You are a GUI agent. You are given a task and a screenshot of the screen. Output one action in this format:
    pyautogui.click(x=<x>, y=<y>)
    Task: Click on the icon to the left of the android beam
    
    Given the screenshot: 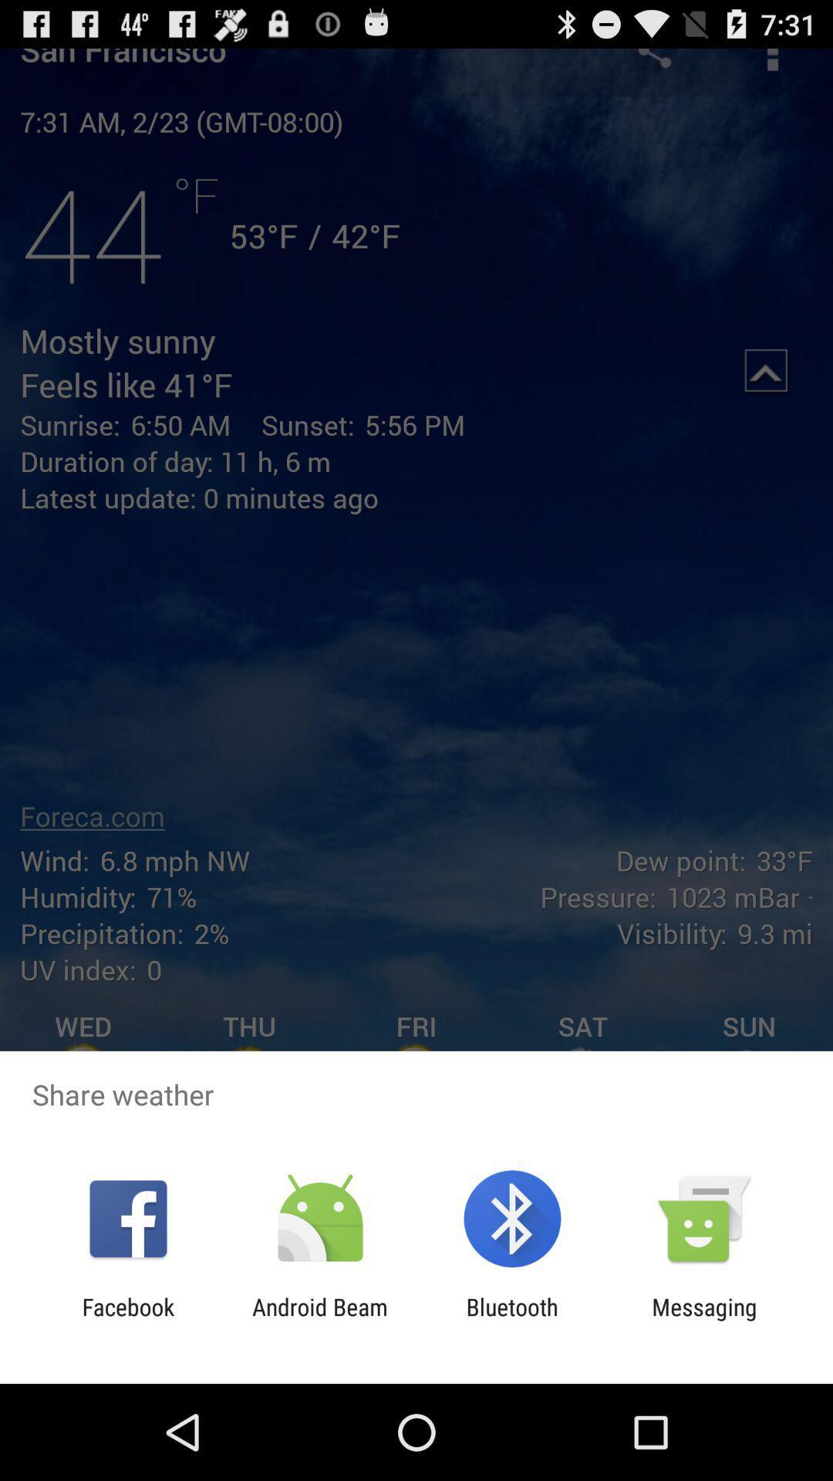 What is the action you would take?
    pyautogui.click(x=127, y=1320)
    